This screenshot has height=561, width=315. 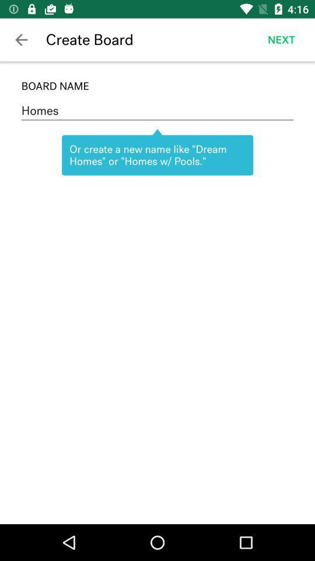 What do you see at coordinates (21, 40) in the screenshot?
I see `item next to create board icon` at bounding box center [21, 40].